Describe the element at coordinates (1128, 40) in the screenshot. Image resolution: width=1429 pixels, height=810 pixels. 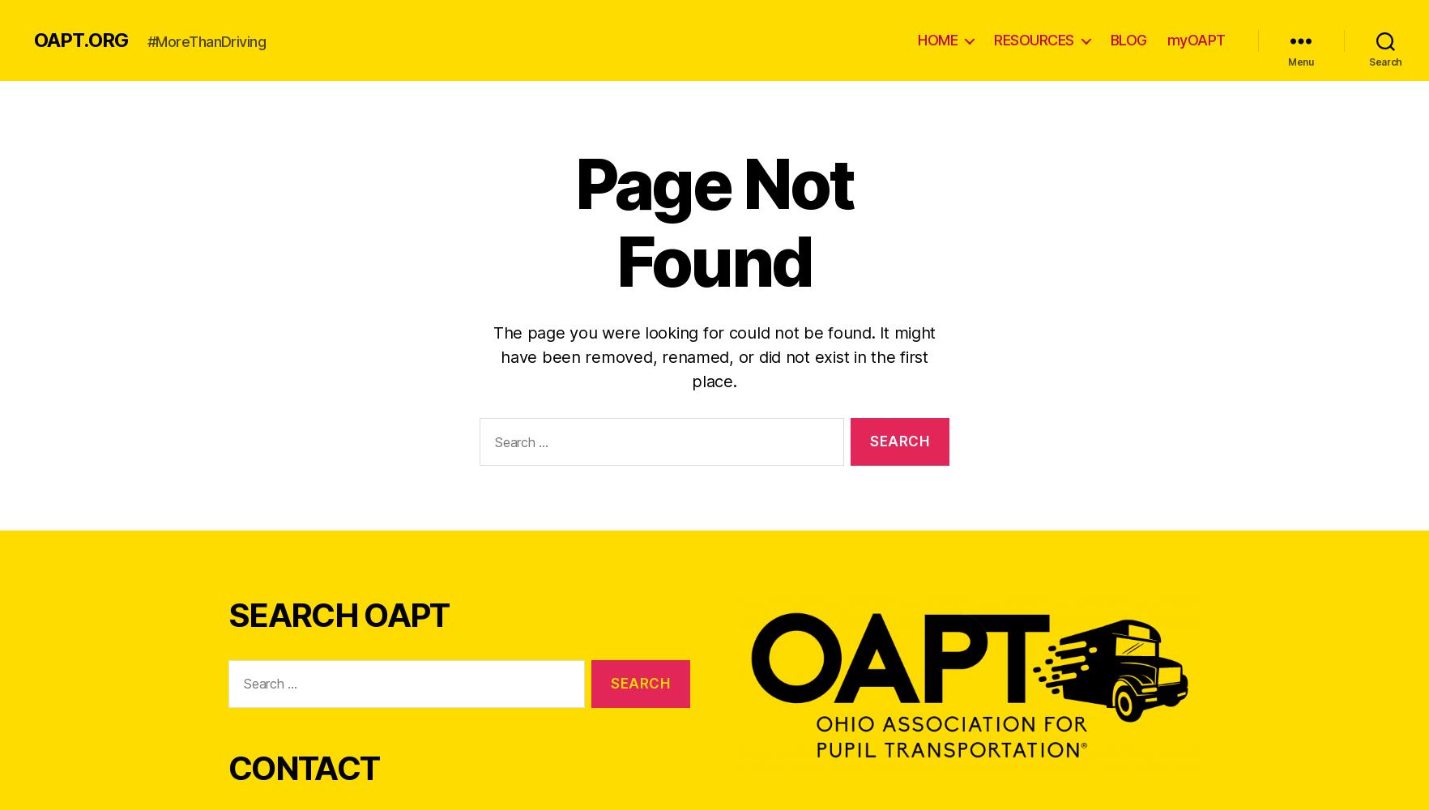
I see `'BLOG'` at that location.